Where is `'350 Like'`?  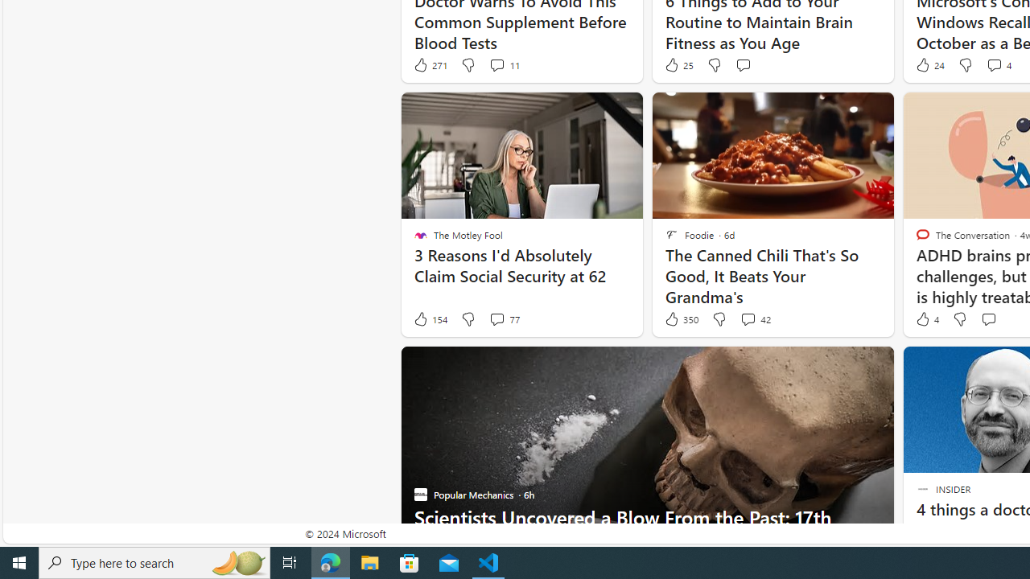
'350 Like' is located at coordinates (681, 319).